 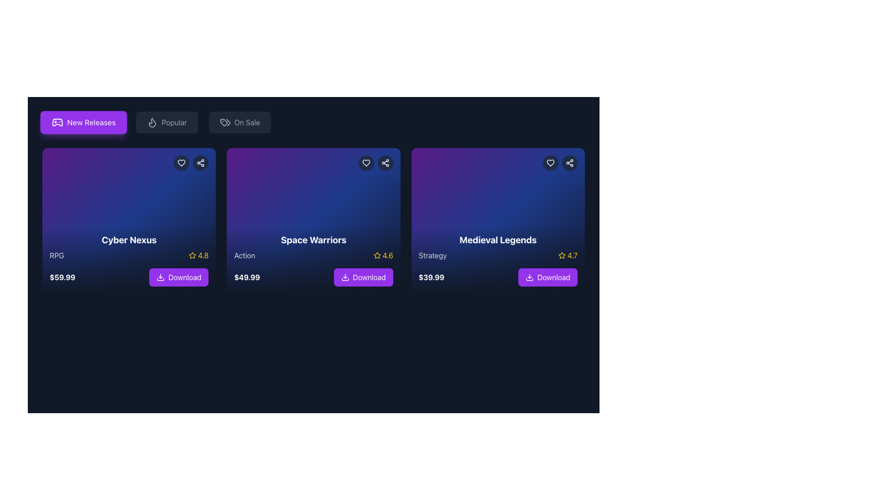 What do you see at coordinates (225, 122) in the screenshot?
I see `the icon resembling a tag with a gray outline, located to the left of the 'On Sale' text in the third button of the navigation bar` at bounding box center [225, 122].